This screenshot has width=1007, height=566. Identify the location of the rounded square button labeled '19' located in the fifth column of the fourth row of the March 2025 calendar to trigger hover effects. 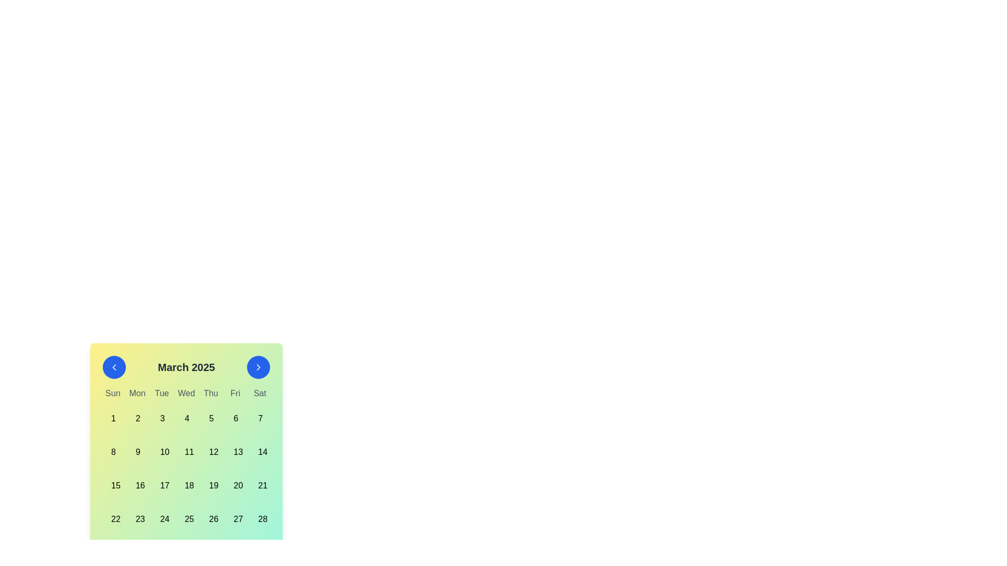
(210, 485).